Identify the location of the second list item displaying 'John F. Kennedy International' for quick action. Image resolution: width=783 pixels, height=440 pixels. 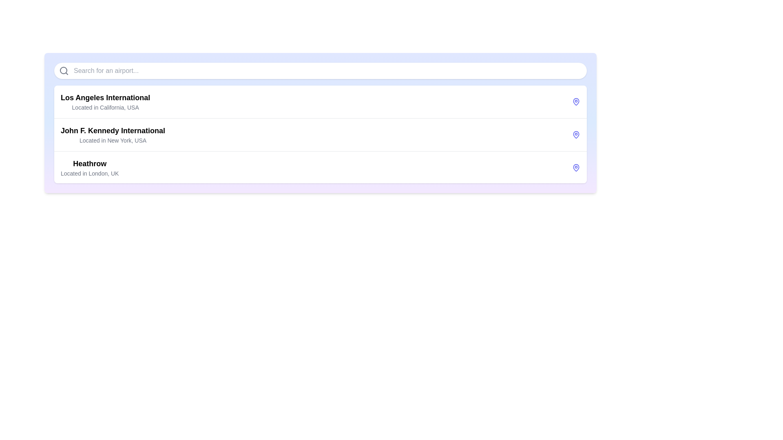
(320, 134).